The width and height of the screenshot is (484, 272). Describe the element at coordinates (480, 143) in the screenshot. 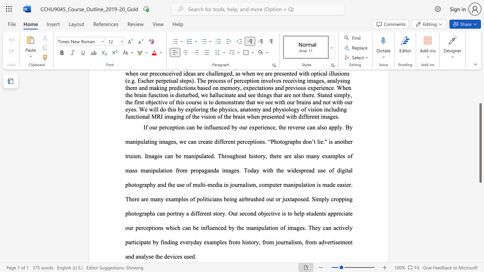

I see `the scrollbar and move down 180 pixels` at that location.